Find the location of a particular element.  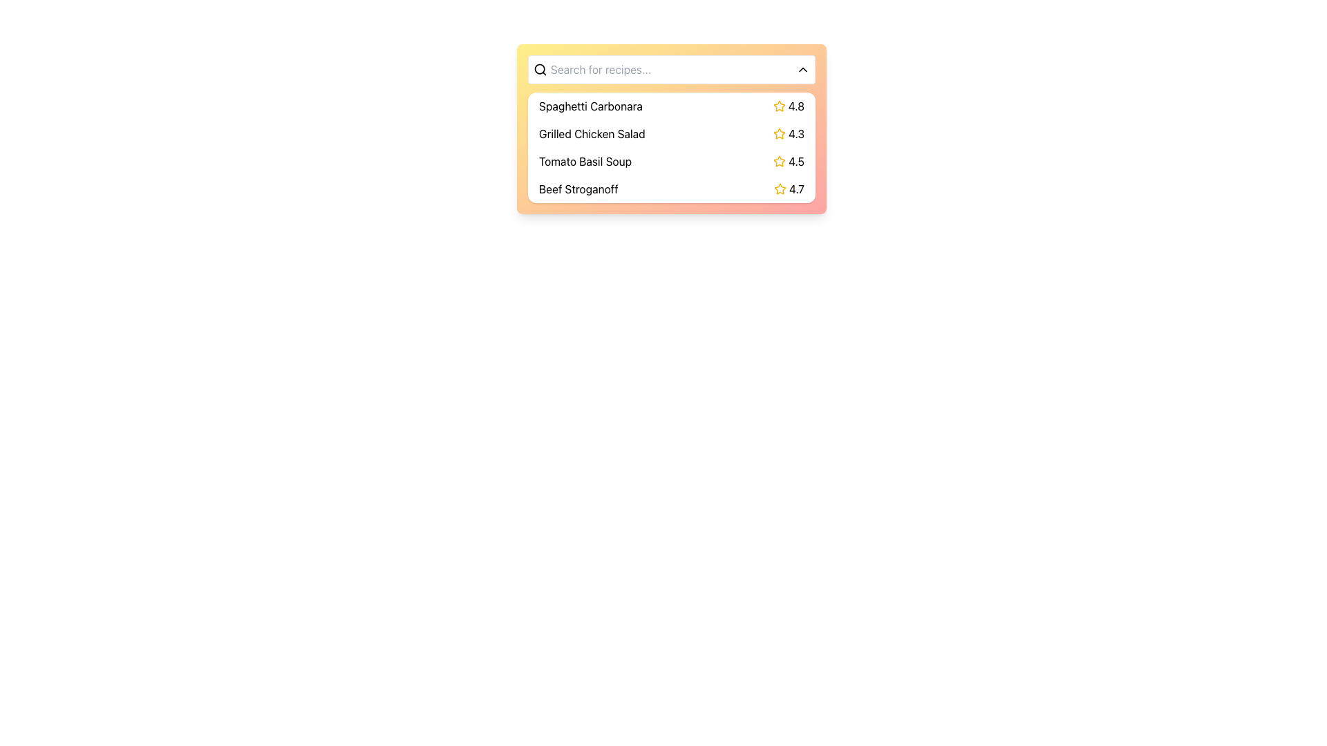

the menu item labeled 'Tomato Basil Soup', which is the third item in the dropdown menu is located at coordinates (671, 161).